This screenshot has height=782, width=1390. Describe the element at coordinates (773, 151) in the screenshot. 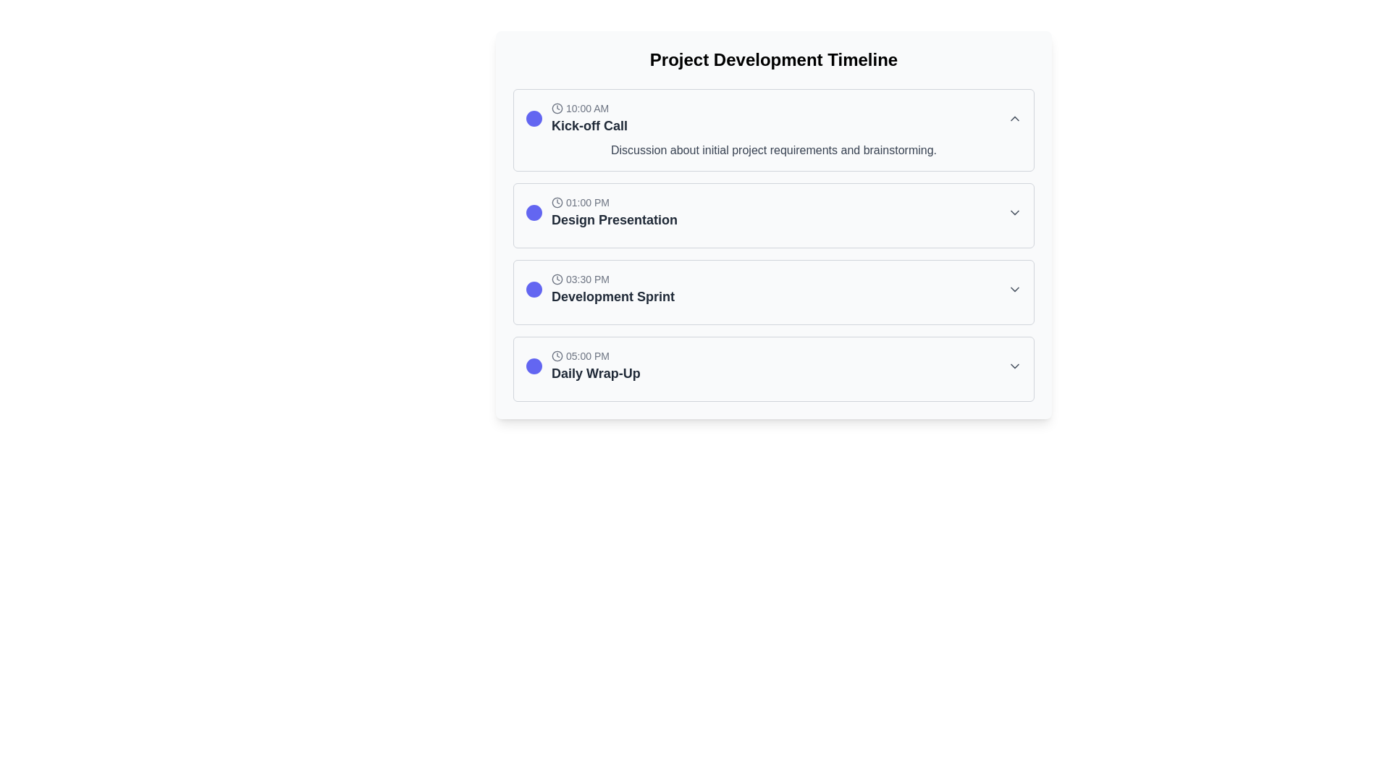

I see `the text label that reads 'Discussion about initial project requirements and brainstorming.' located under the title 'Kick-off Call' and the time '10:00 AM' in the first timeline entry` at that location.